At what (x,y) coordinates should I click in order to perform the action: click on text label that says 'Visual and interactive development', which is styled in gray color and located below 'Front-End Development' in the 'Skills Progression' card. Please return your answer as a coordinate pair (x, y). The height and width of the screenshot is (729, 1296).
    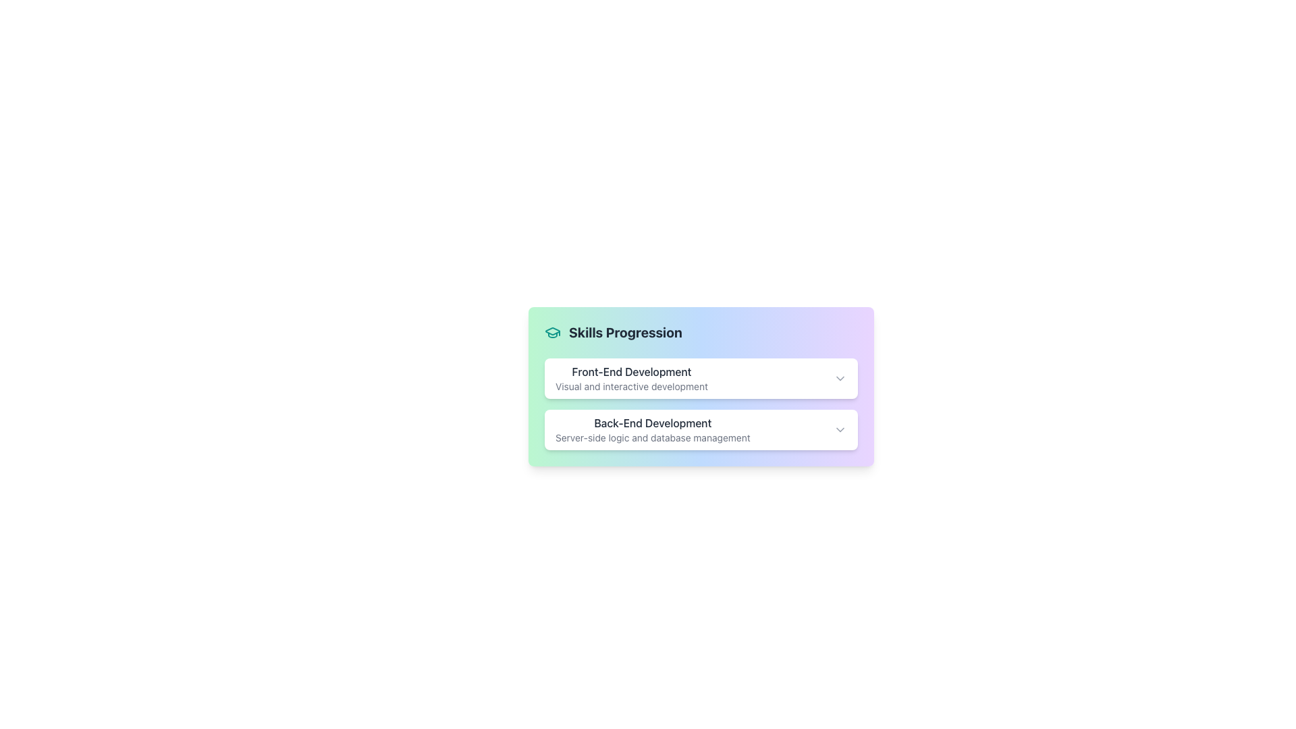
    Looking at the image, I should click on (631, 387).